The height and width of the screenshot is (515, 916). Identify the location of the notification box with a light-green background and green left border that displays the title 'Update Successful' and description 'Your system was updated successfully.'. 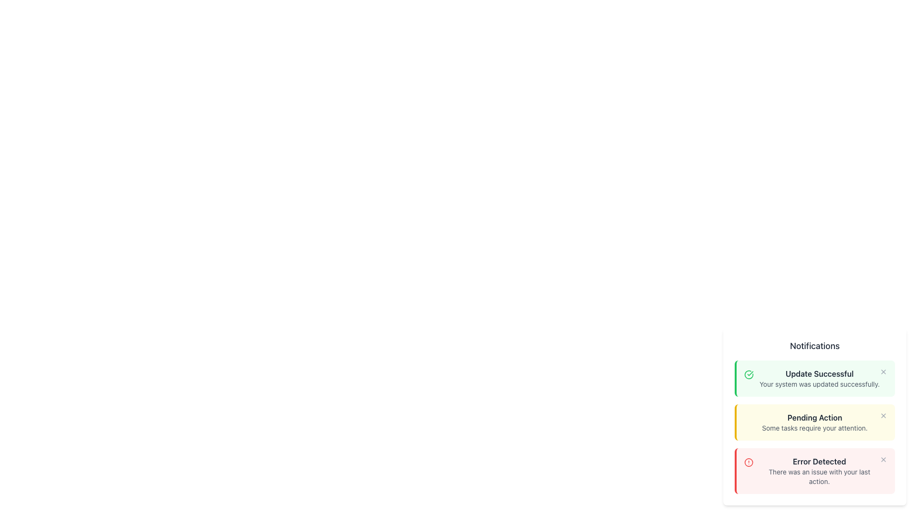
(815, 378).